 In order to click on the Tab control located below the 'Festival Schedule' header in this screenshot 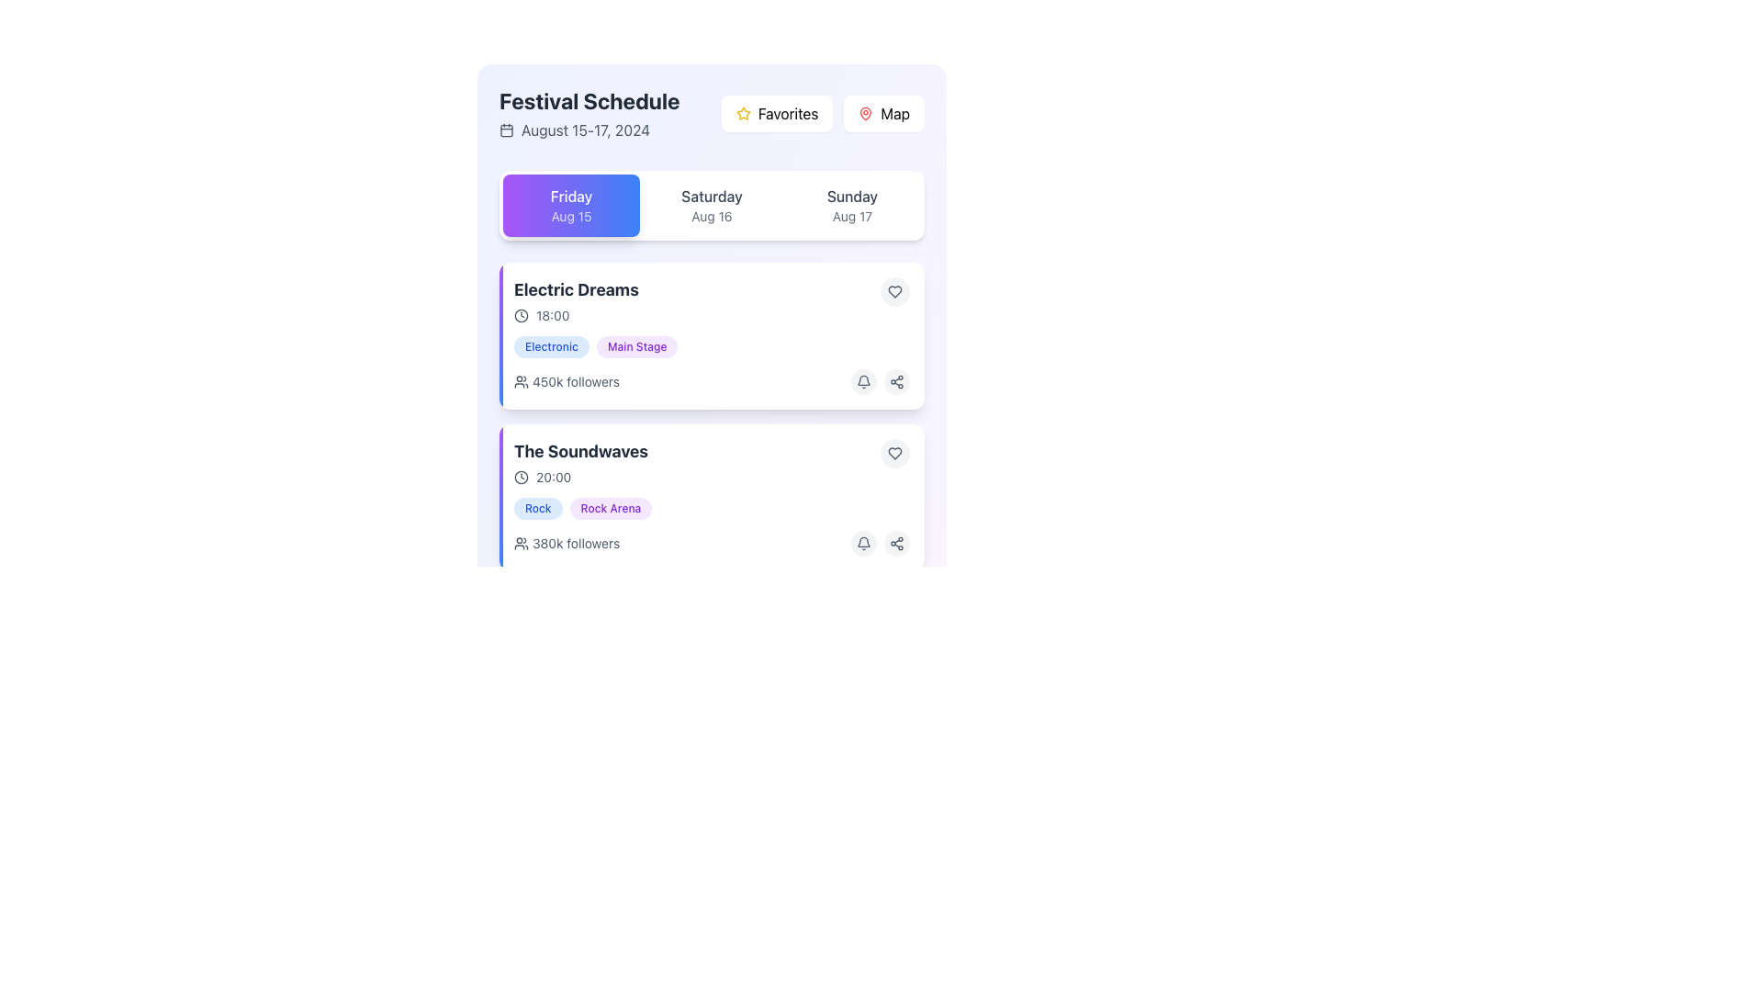, I will do `click(711, 205)`.